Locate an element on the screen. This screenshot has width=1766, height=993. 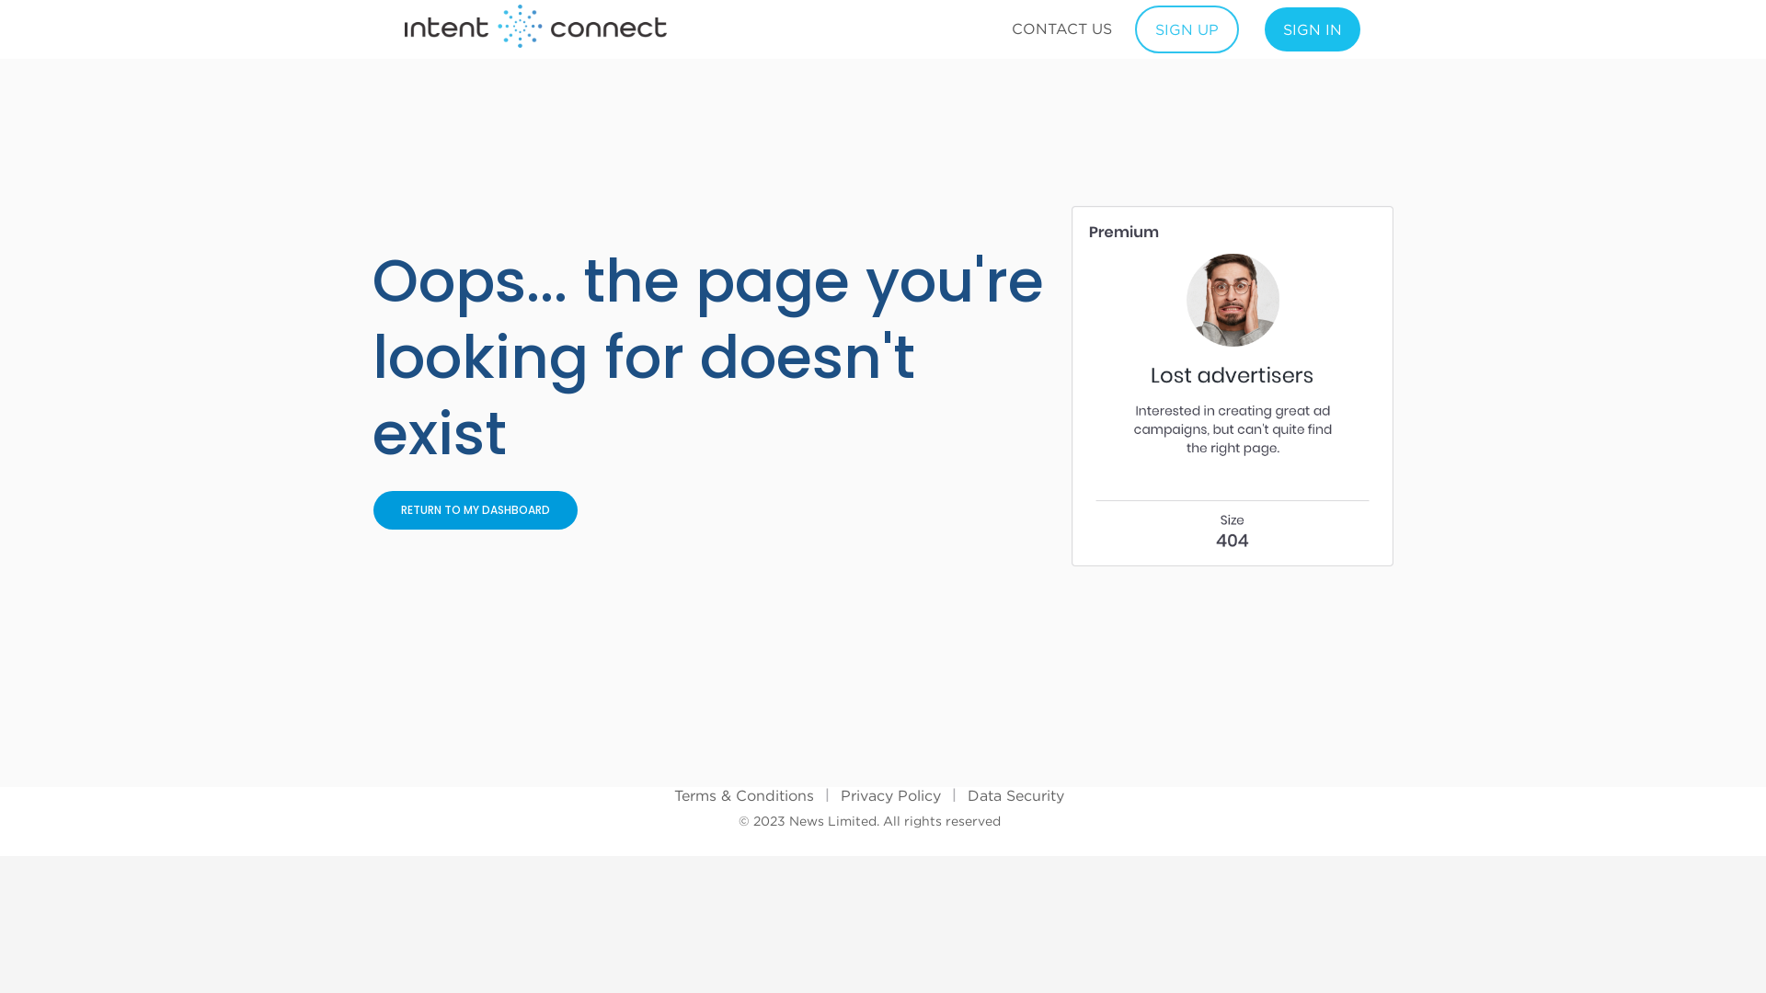
'Terms & Conditions' is located at coordinates (673, 793).